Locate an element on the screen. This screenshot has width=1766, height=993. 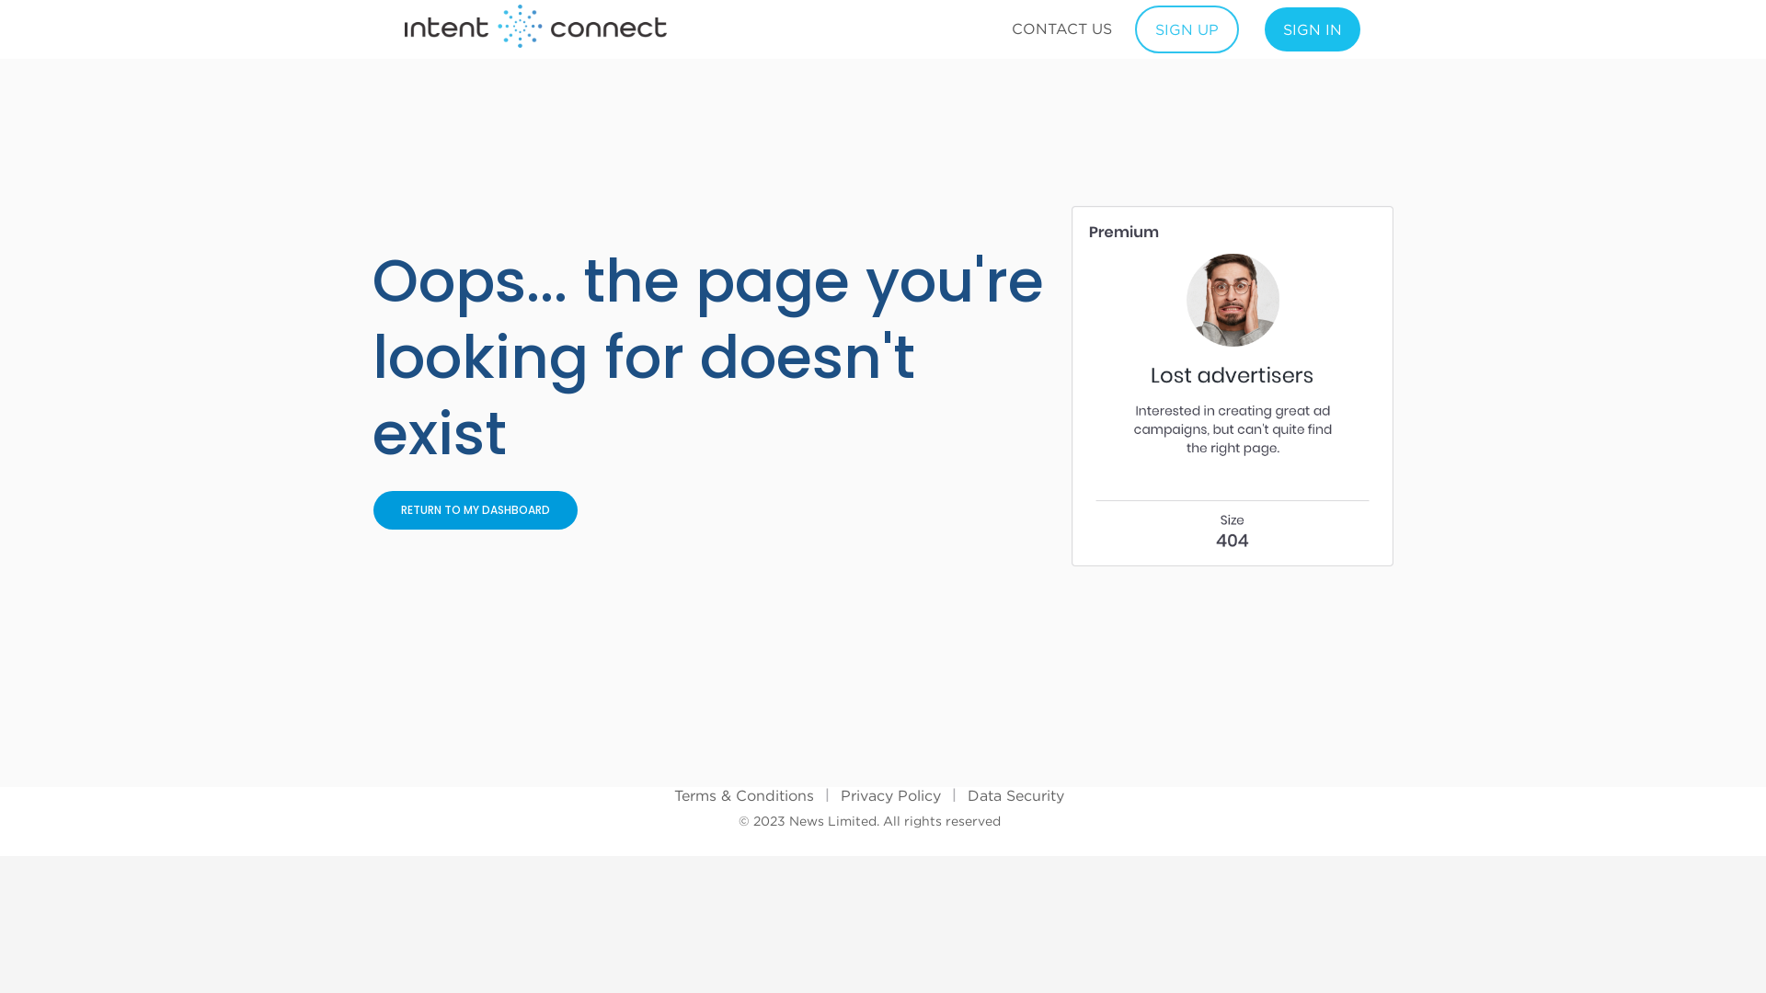
'Terms & Conditions' is located at coordinates (673, 793).